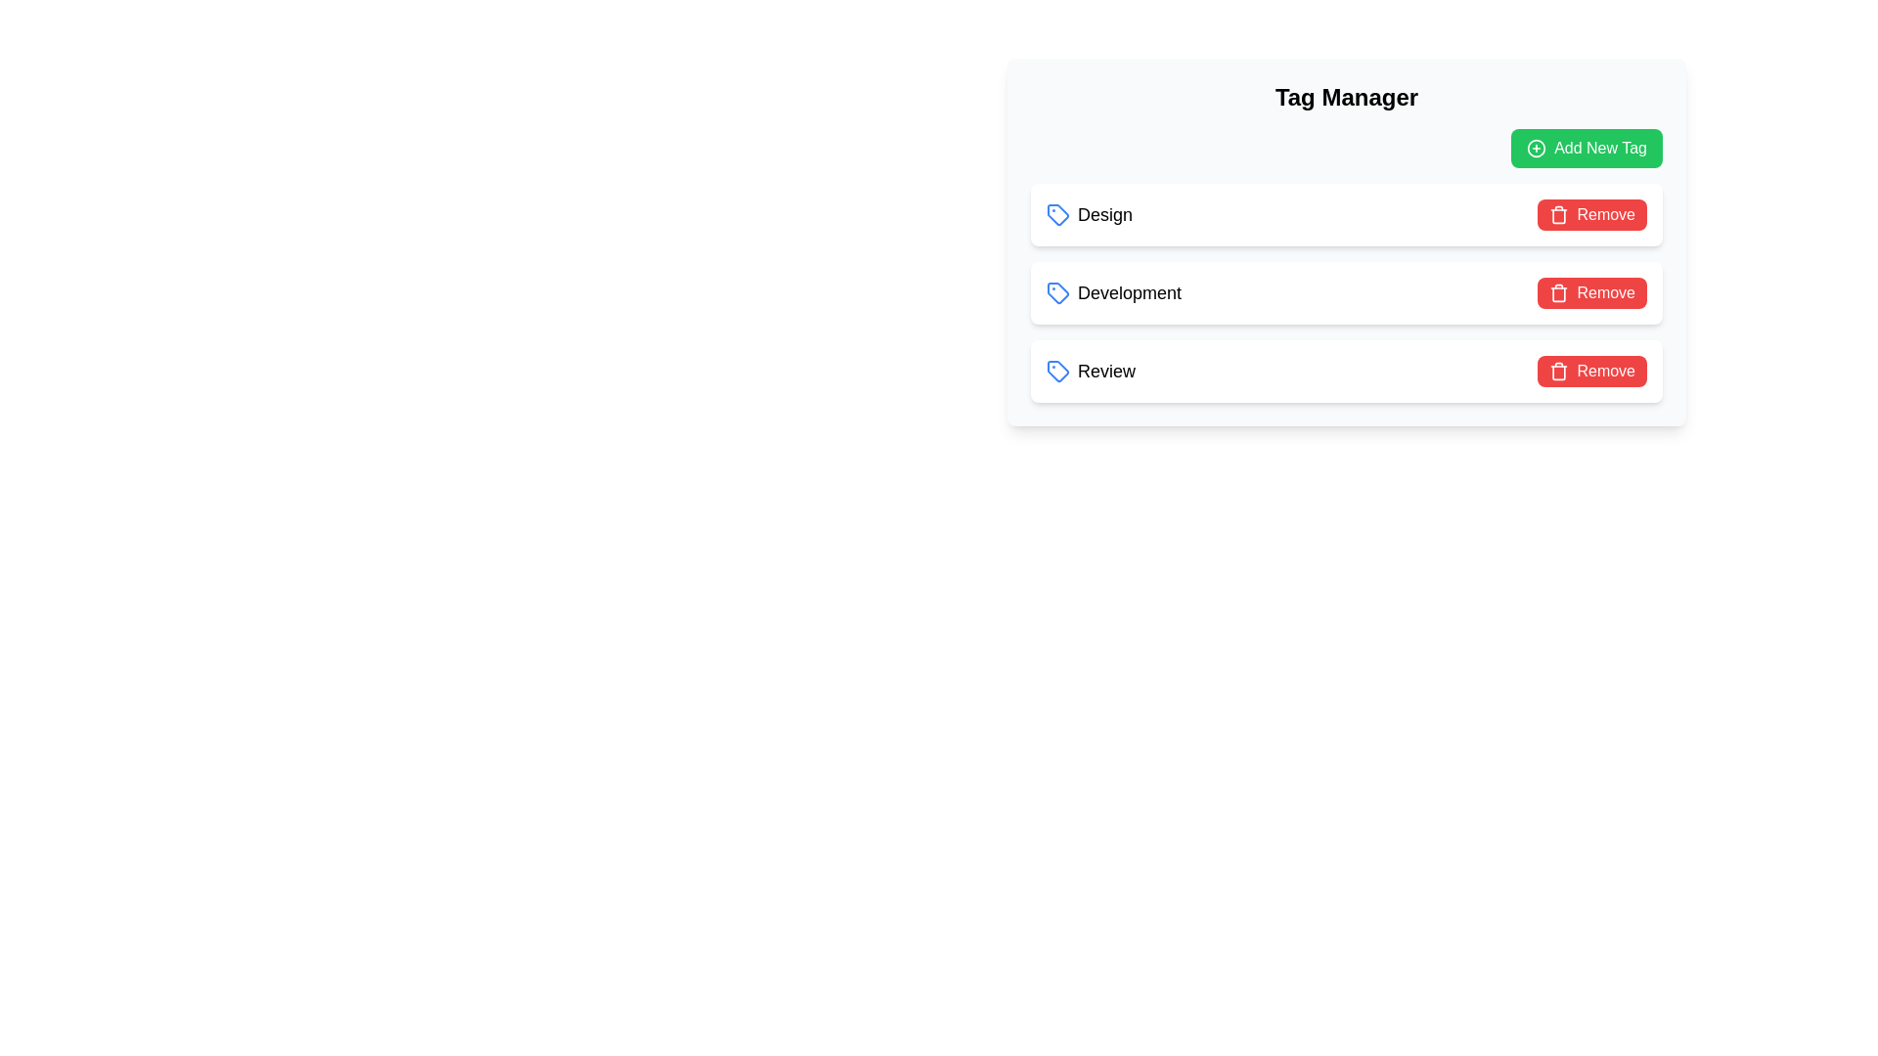  What do you see at coordinates (1592, 214) in the screenshot?
I see `the delete button located on the right side of the 'Design' label to initiate the removal of the associated item` at bounding box center [1592, 214].